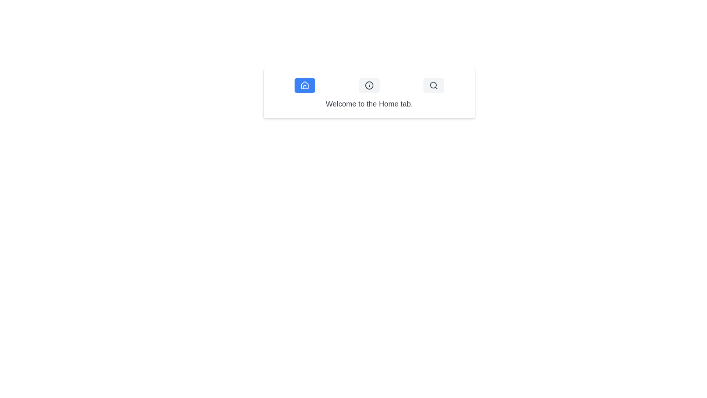 Image resolution: width=707 pixels, height=398 pixels. Describe the element at coordinates (434, 85) in the screenshot. I see `the third button with a rounded rectangular shape and a light gray background containing a black search icon, located to the far right of the group of buttons` at that location.